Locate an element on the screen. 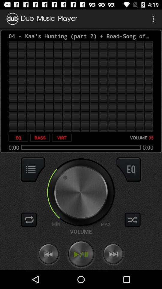 This screenshot has width=162, height=289. next track is located at coordinates (113, 254).